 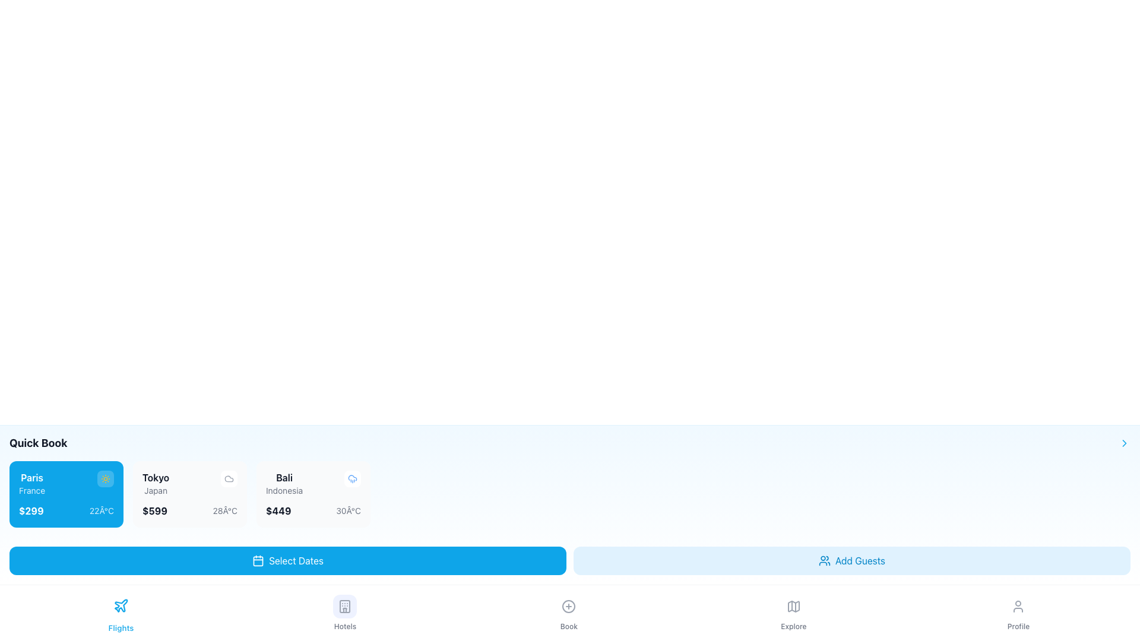 I want to click on the user profile icon button, which is visually represented as an outline of a person, located in the bottom-right corner of the interface within the 'Profile' section, so click(x=1018, y=607).